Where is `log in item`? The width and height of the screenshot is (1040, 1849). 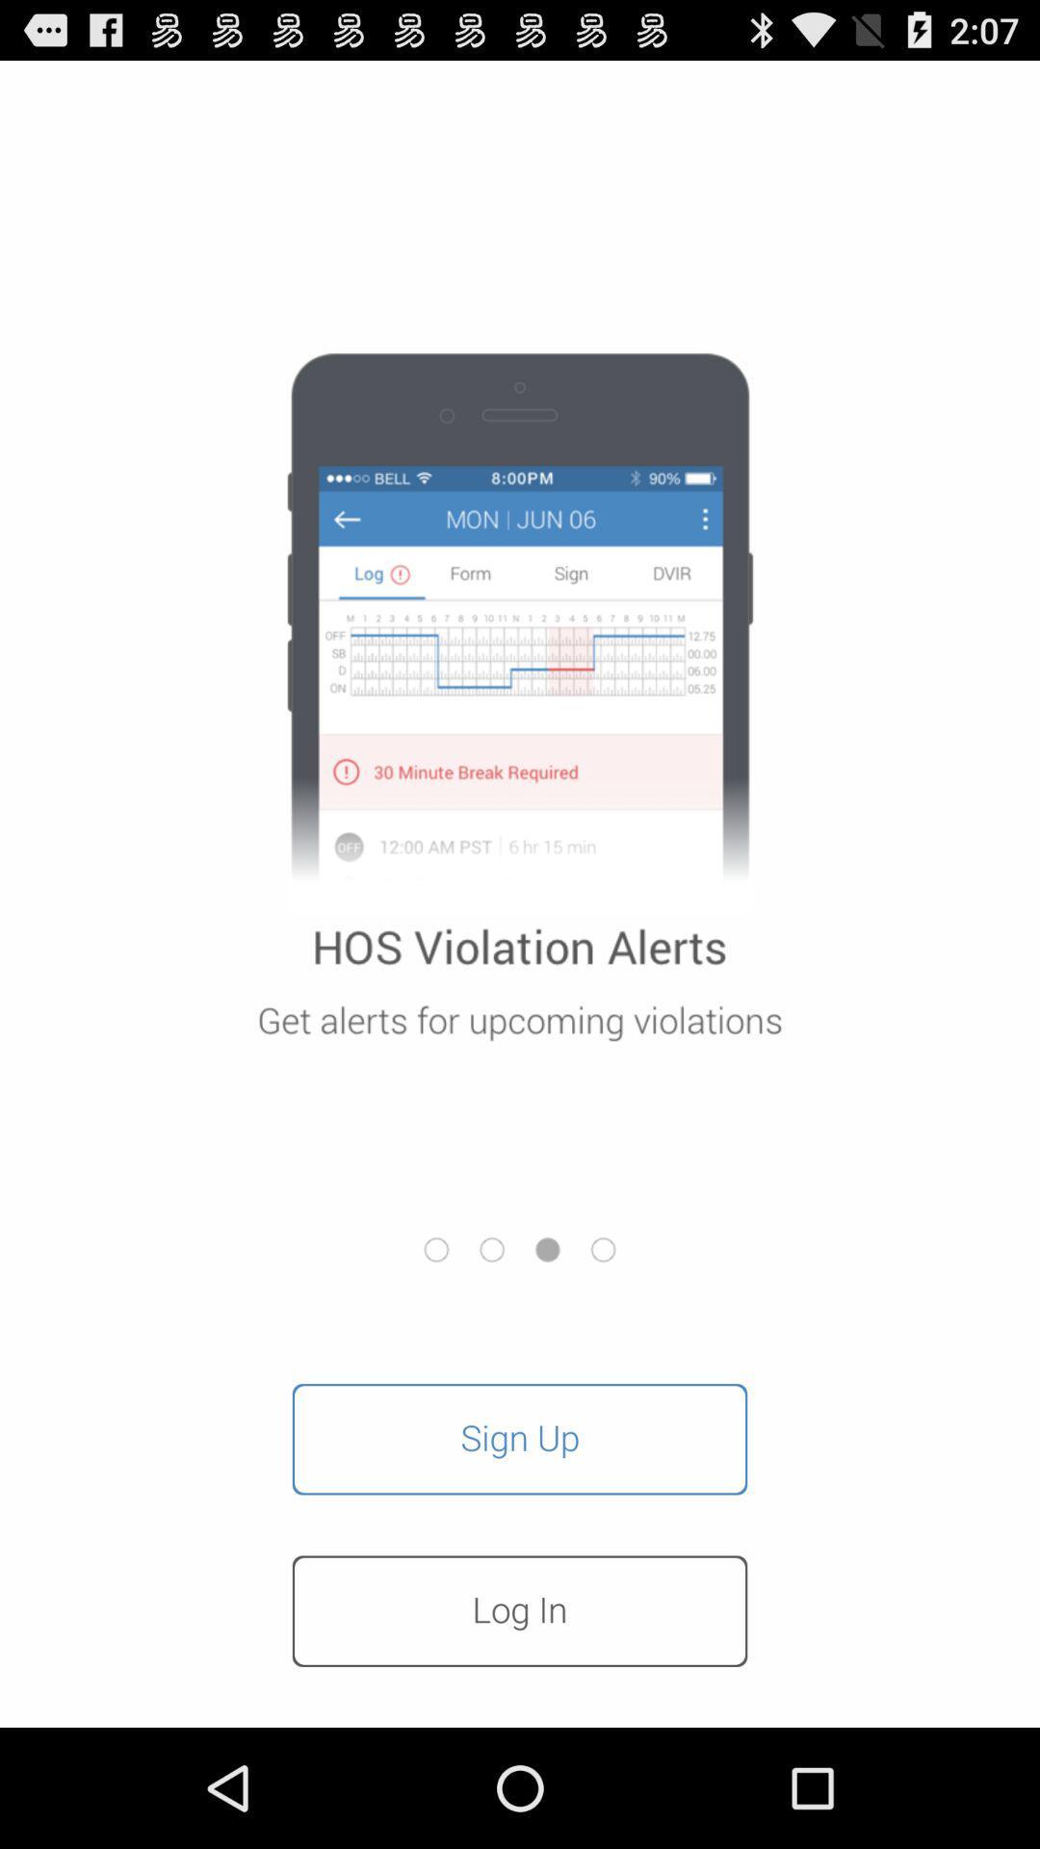
log in item is located at coordinates (520, 1611).